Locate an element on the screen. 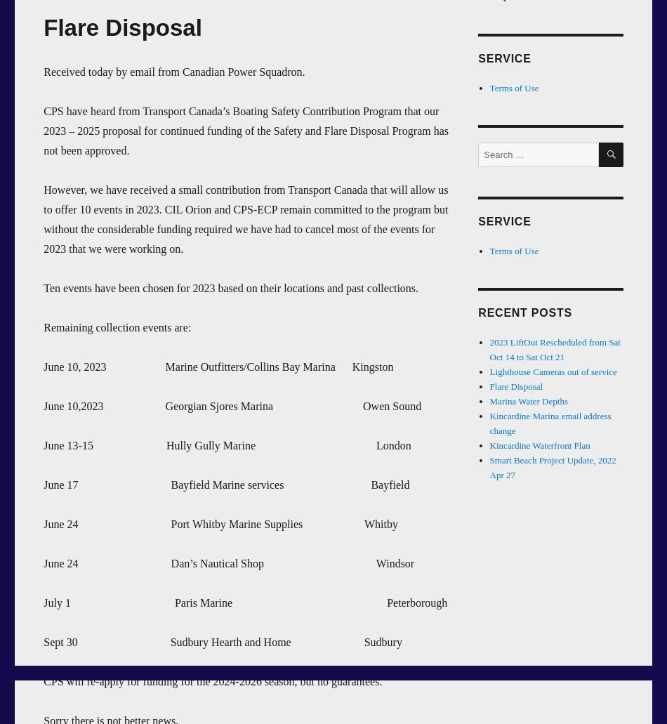  'Ten events have been chosen for 2023 based on their locations and past collections.' is located at coordinates (44, 287).